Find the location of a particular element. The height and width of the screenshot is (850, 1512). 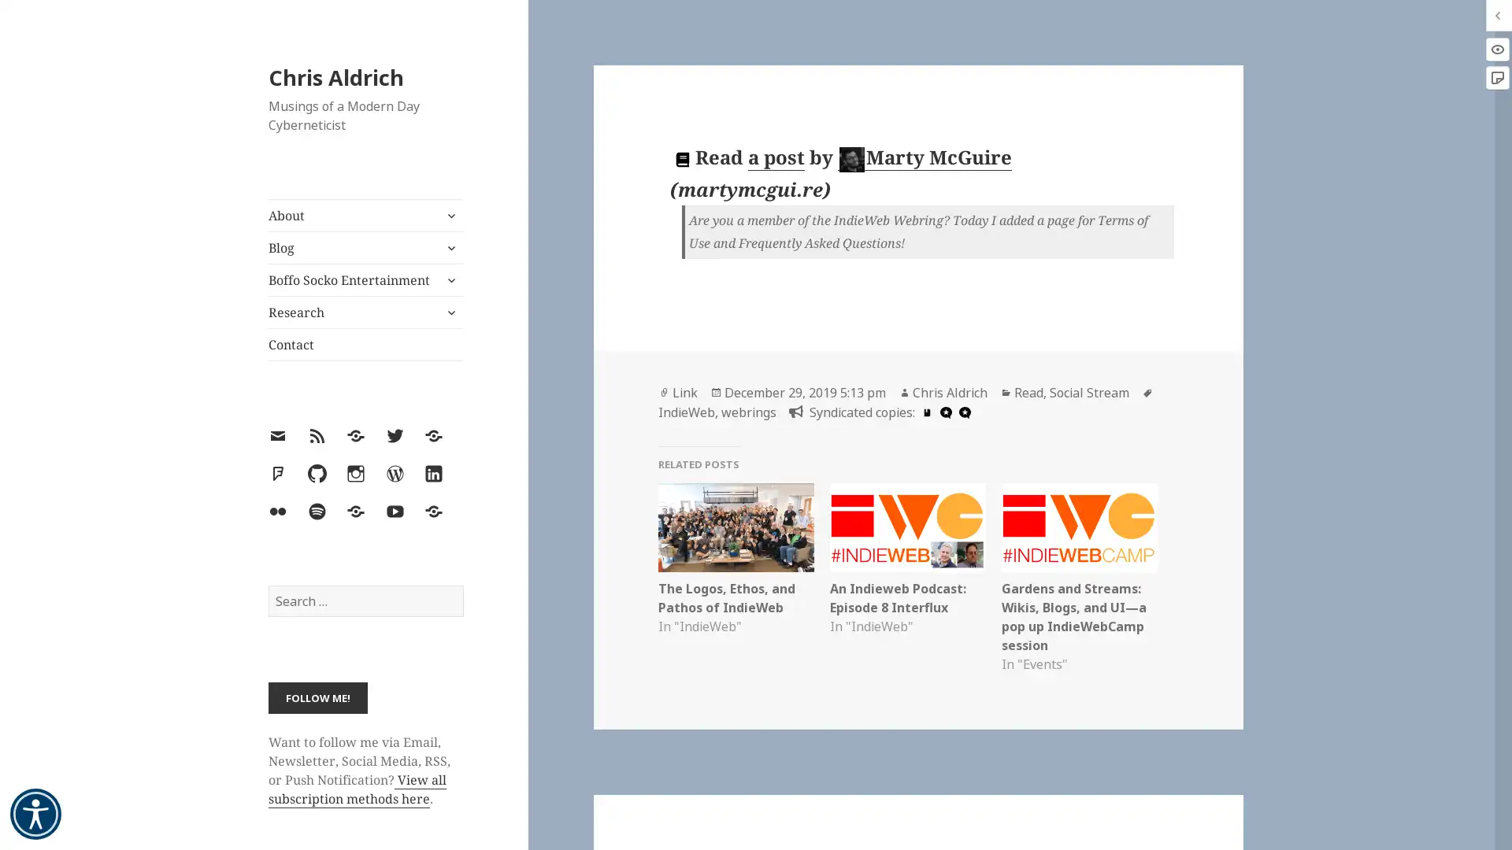

New page note is located at coordinates (1496, 78).